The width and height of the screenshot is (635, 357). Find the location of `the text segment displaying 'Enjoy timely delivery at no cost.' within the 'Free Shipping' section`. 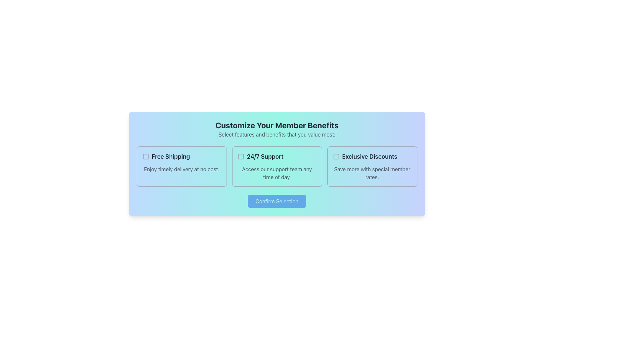

the text segment displaying 'Enjoy timely delivery at no cost.' within the 'Free Shipping' section is located at coordinates (182, 169).